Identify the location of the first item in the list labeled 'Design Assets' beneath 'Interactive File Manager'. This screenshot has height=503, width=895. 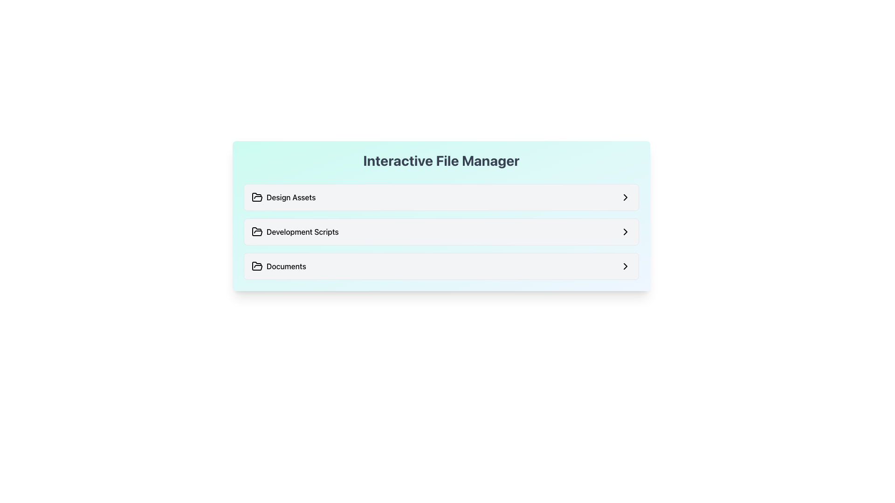
(441, 197).